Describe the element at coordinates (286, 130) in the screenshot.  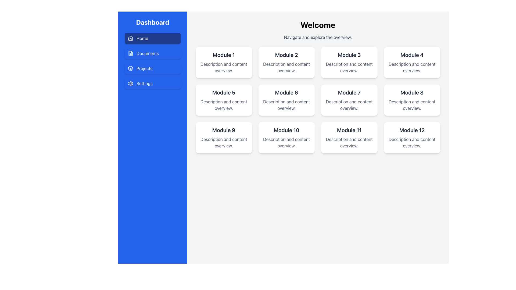
I see `the 'Module 10' text label displayed in bold, large-sized font within a white card, located in the second row and third column of the grid, above the subtitle 'Description and content overview.'` at that location.